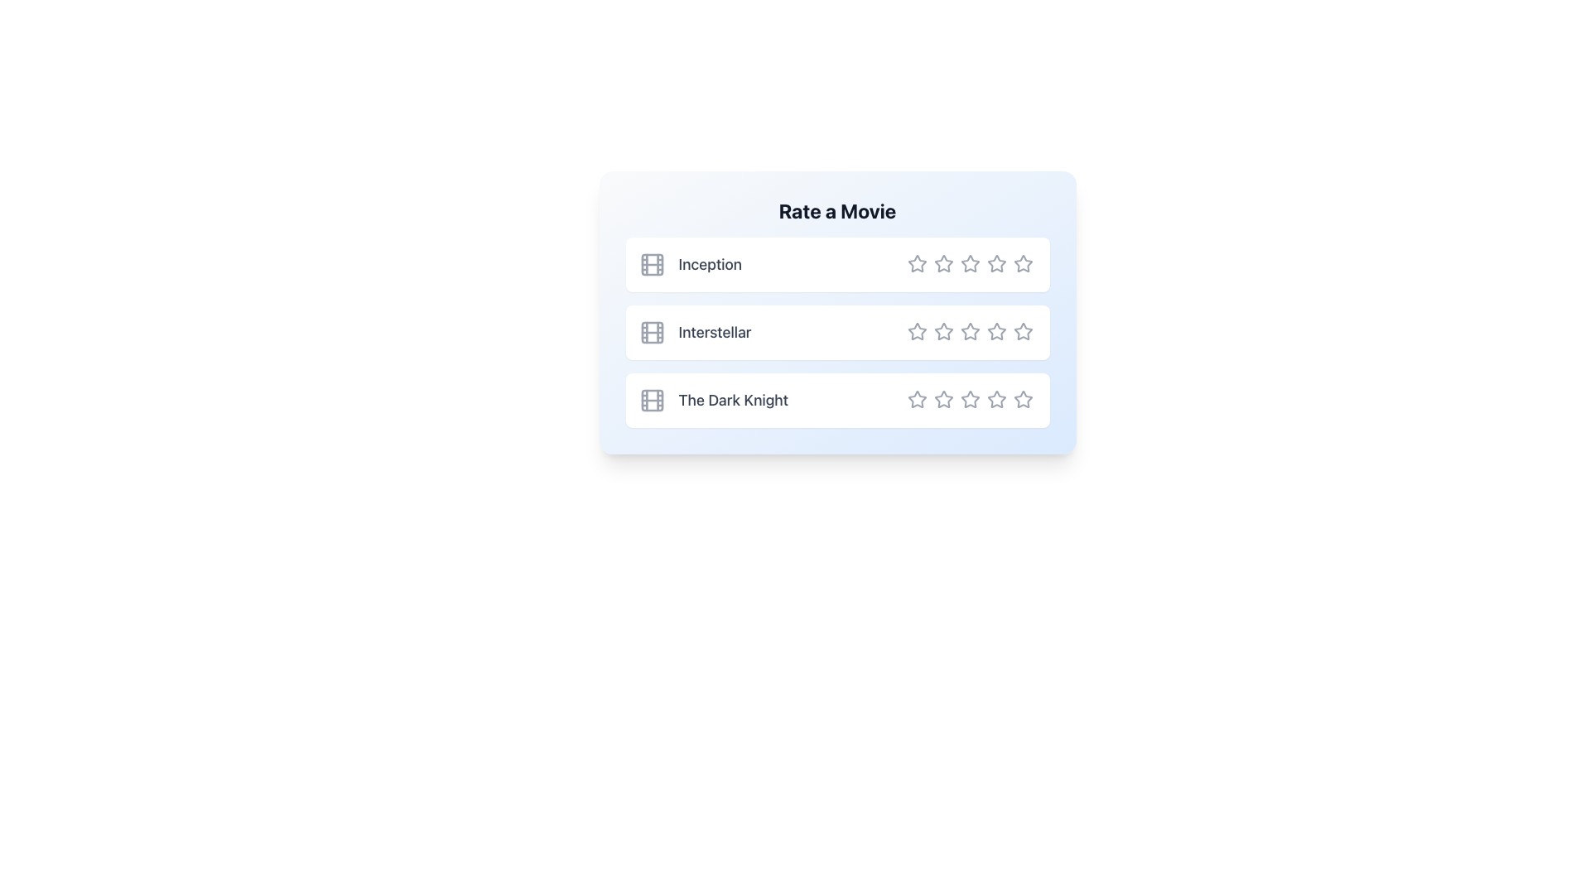  Describe the element at coordinates (943, 262) in the screenshot. I see `the second star-shaped icon in the rating system for the movie 'Inception'` at that location.